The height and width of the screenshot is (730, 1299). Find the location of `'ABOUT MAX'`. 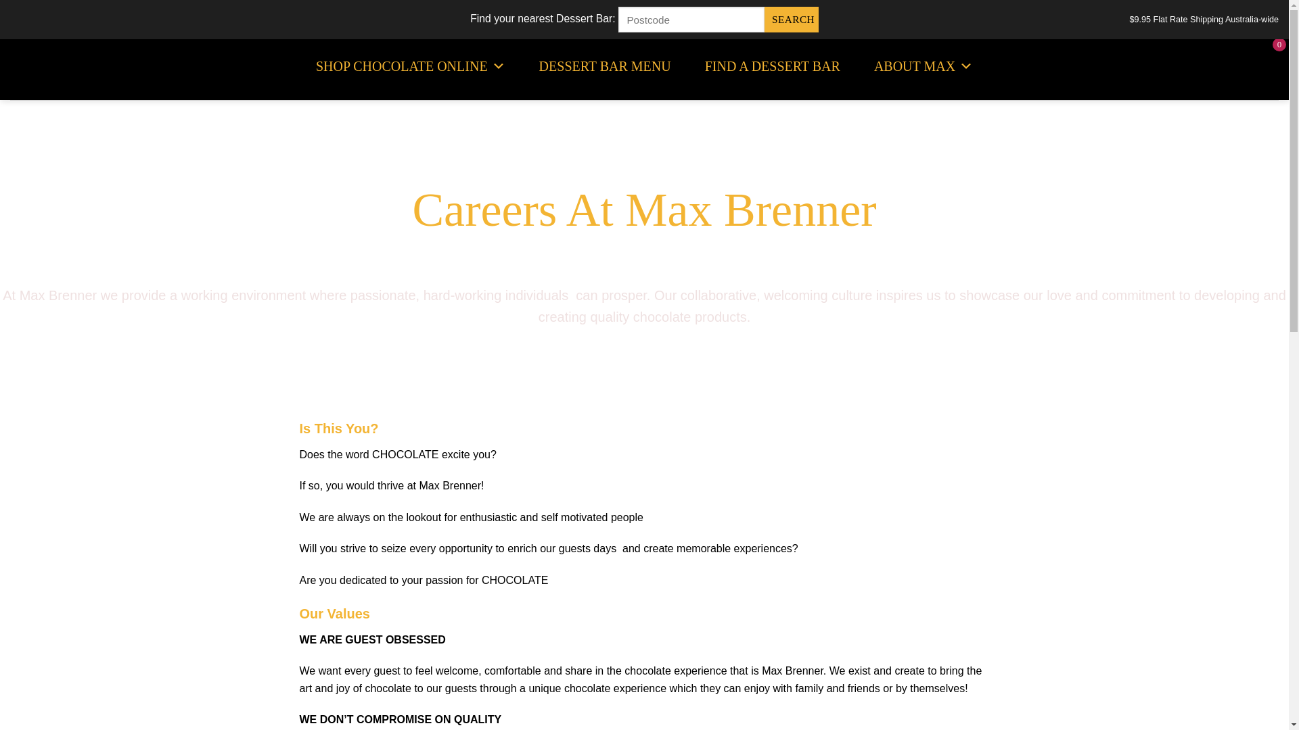

'ABOUT MAX' is located at coordinates (922, 66).